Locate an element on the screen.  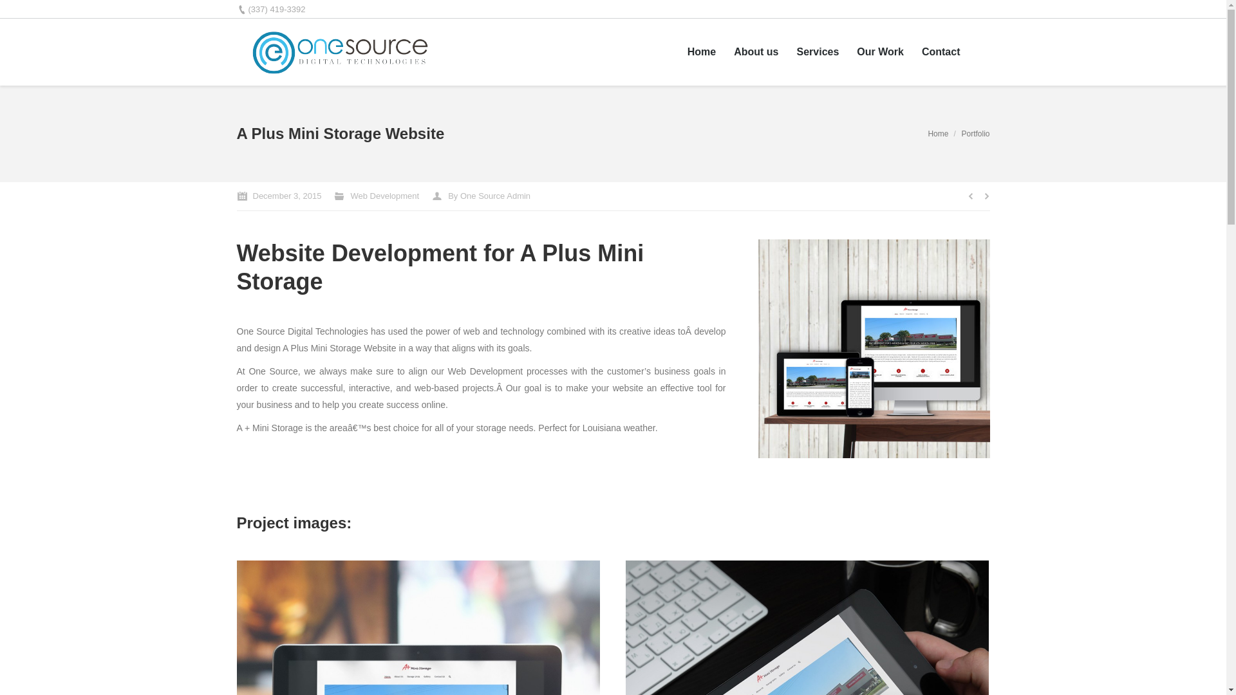
'Home' is located at coordinates (700, 51).